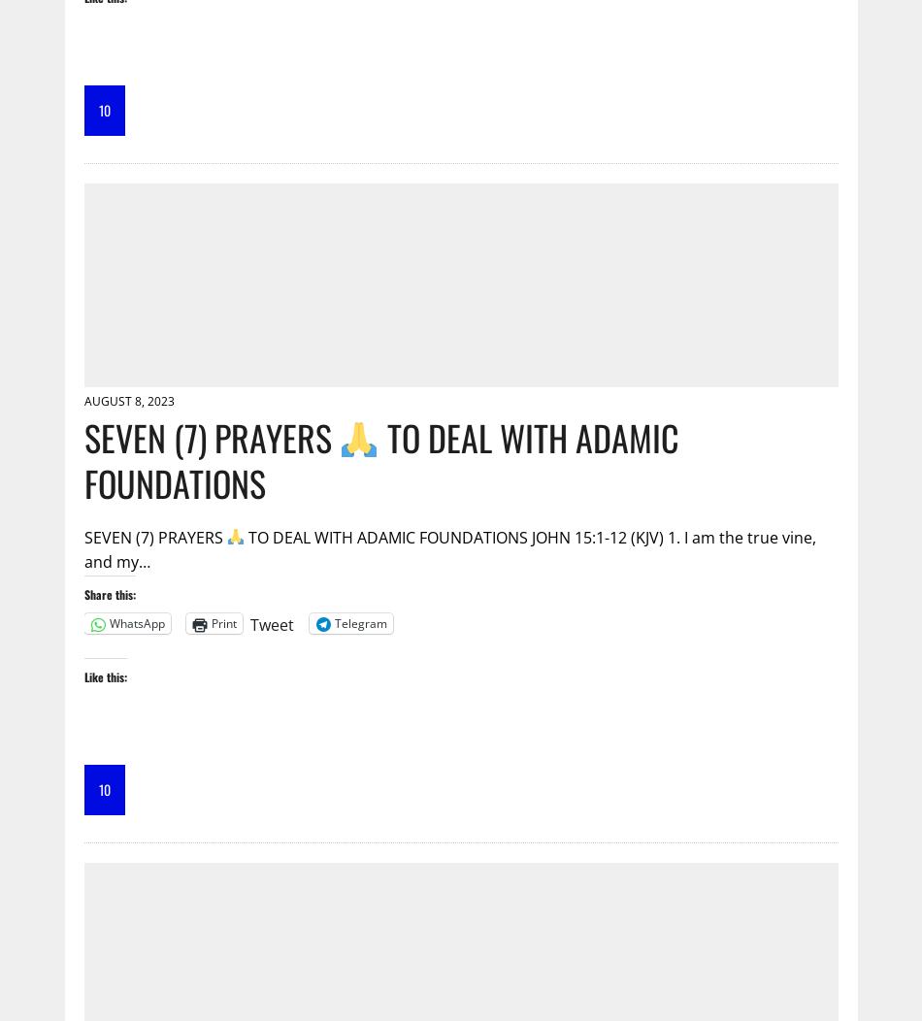 Image resolution: width=922 pixels, height=1021 pixels. What do you see at coordinates (136, 623) in the screenshot?
I see `'WhatsApp'` at bounding box center [136, 623].